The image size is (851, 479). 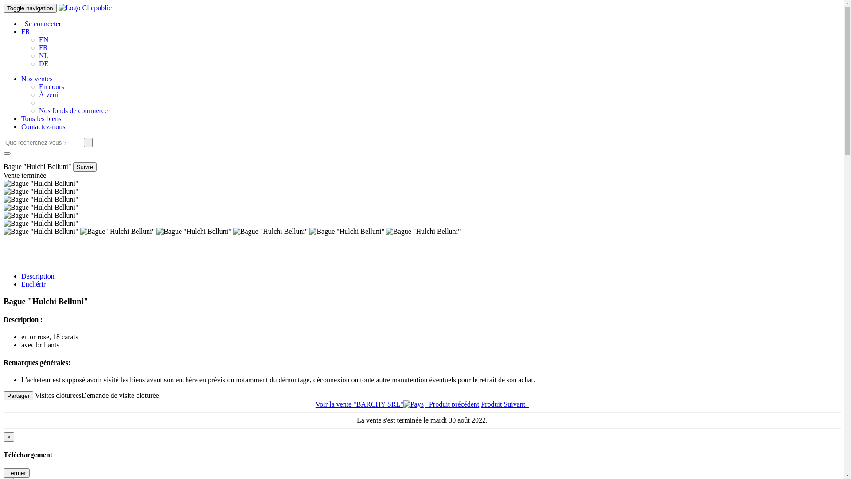 What do you see at coordinates (88, 142) in the screenshot?
I see `' '` at bounding box center [88, 142].